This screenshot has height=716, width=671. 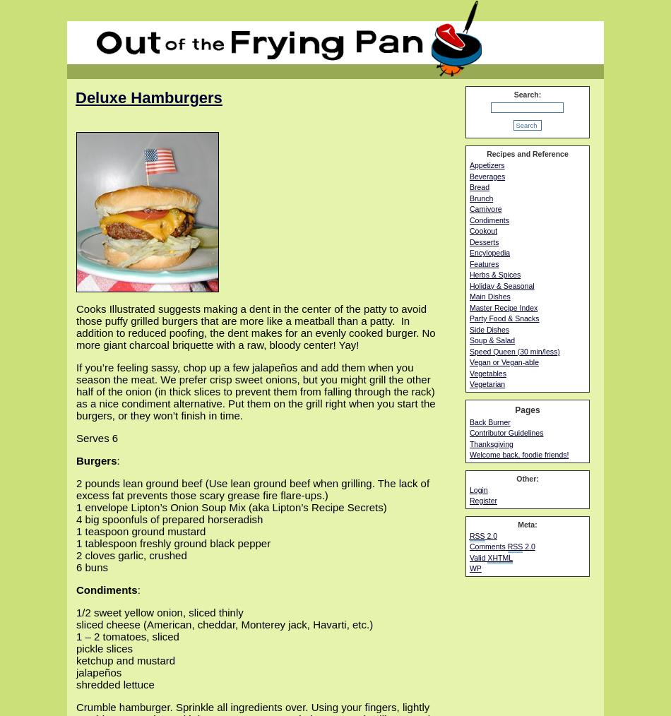 I want to click on '1 envelope Lipton’s Onion Soup Mix (aka Lipton’s Recipe Secrets)', so click(x=230, y=506).